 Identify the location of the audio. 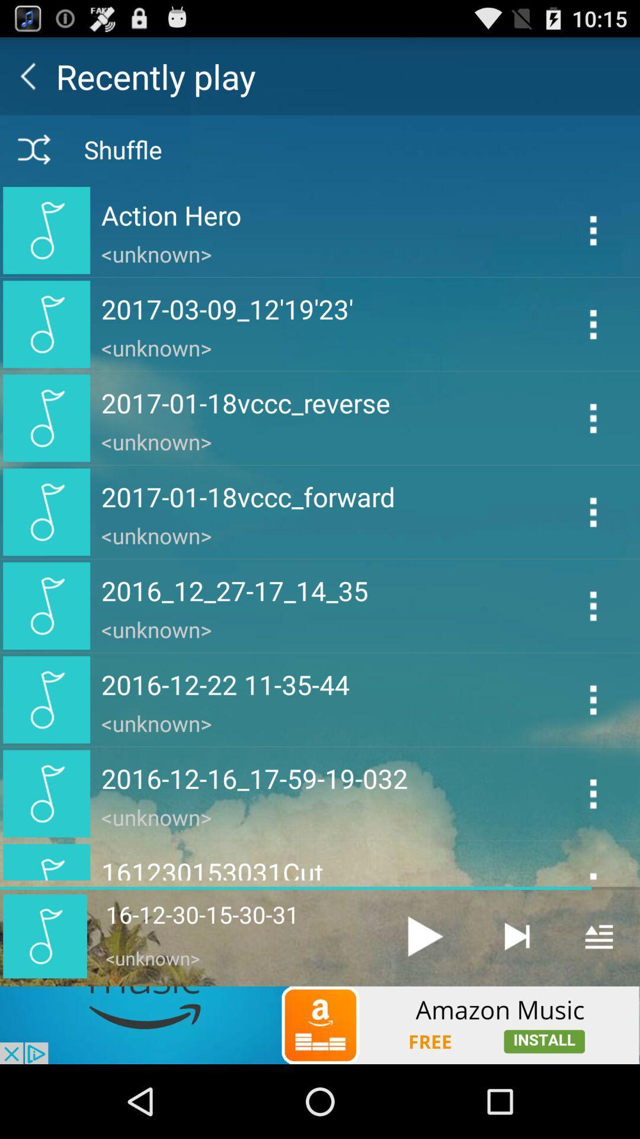
(424, 936).